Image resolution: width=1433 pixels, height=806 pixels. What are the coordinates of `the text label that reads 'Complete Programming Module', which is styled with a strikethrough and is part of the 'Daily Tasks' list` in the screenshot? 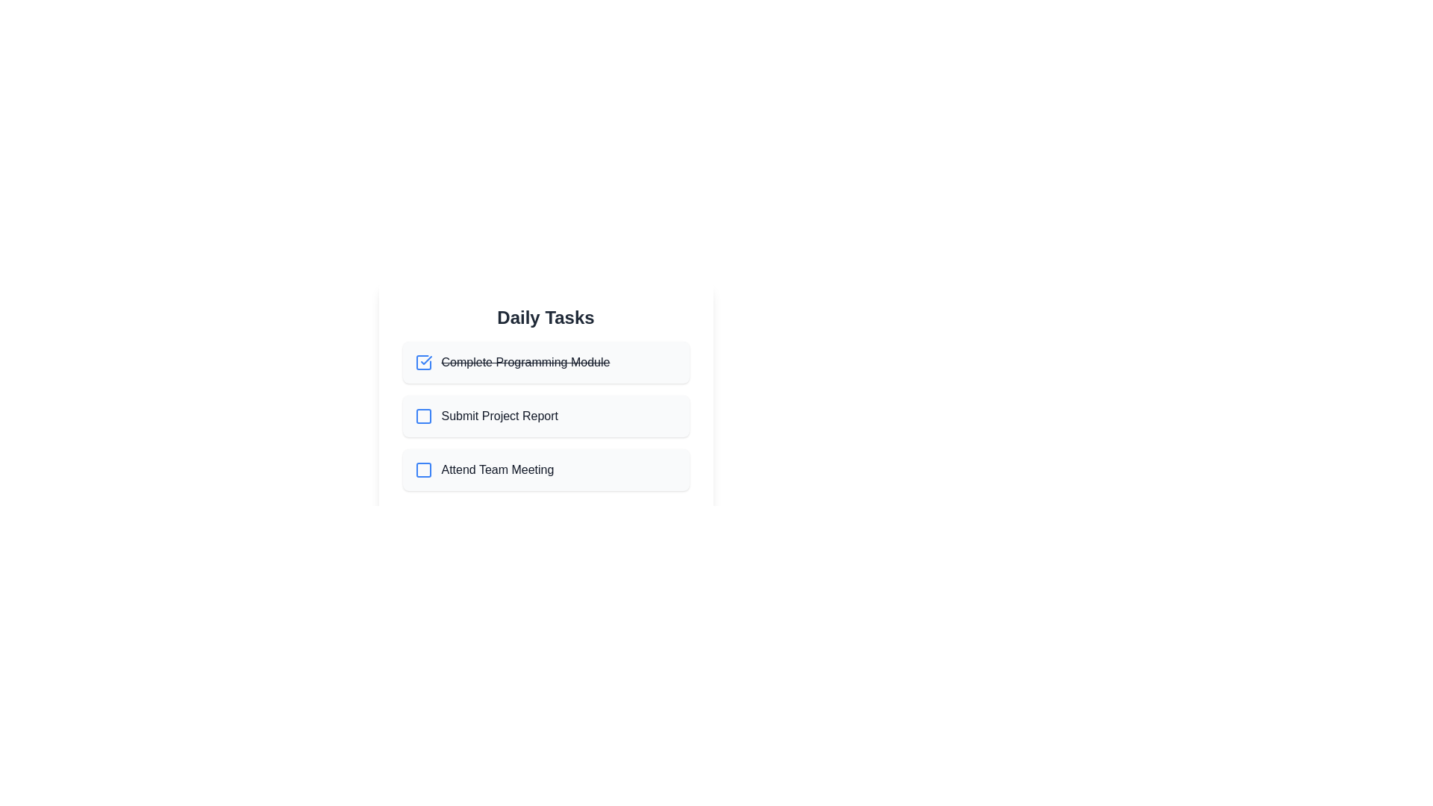 It's located at (525, 363).